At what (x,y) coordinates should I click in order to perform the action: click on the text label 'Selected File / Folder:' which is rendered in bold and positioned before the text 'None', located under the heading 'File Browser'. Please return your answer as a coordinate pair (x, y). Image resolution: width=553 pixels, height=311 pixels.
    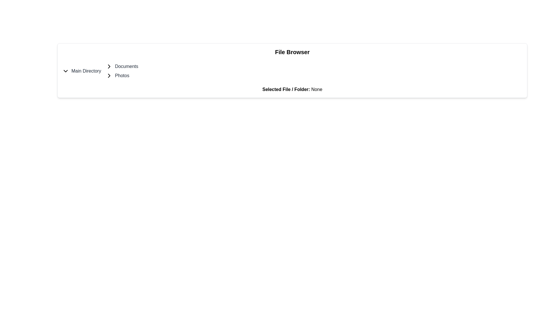
    Looking at the image, I should click on (286, 89).